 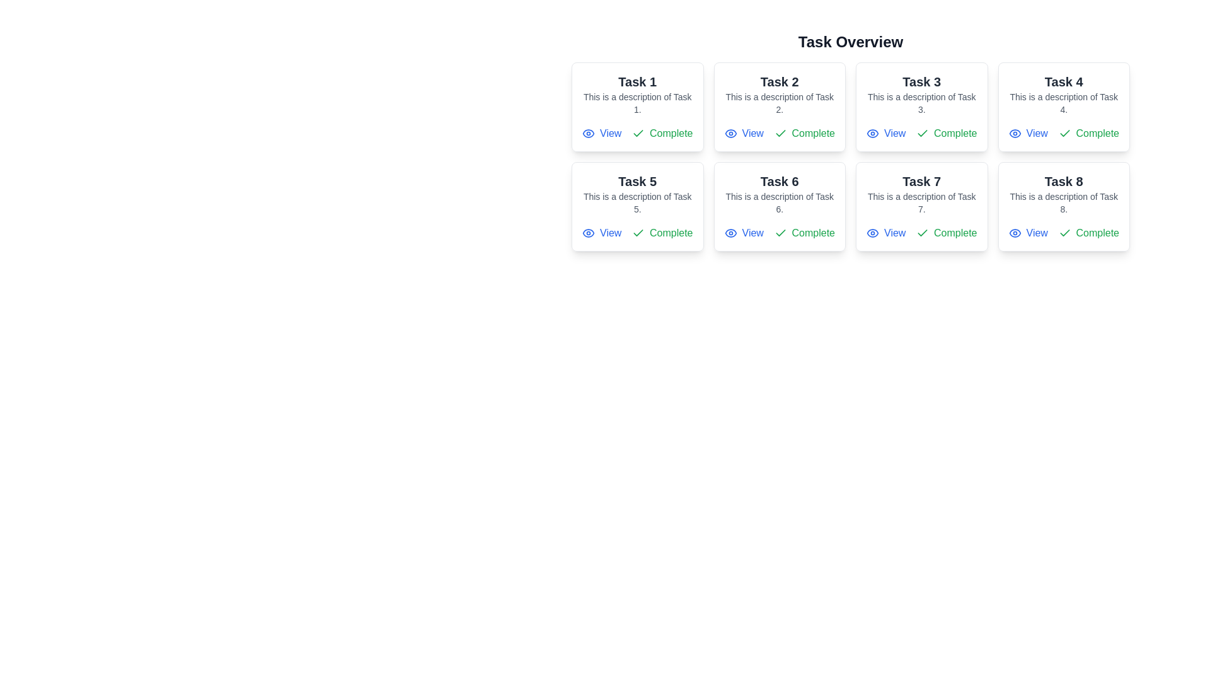 I want to click on the 'Complete' button with a green checkmark icon located in the first row, third column of the grid layout, so click(x=947, y=134).